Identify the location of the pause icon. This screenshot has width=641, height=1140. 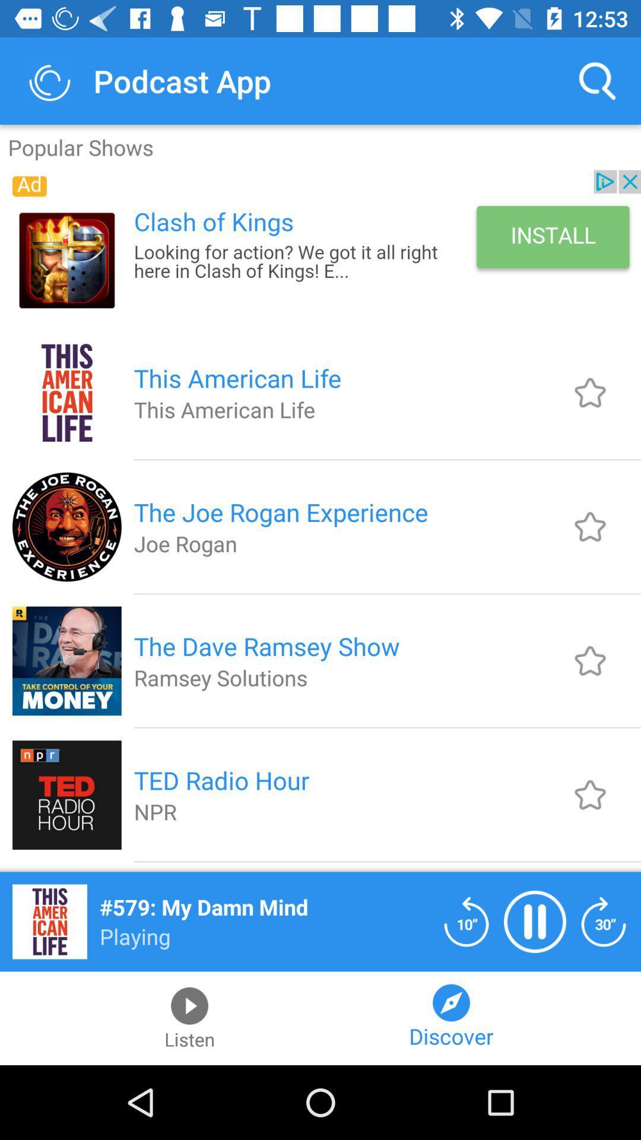
(535, 921).